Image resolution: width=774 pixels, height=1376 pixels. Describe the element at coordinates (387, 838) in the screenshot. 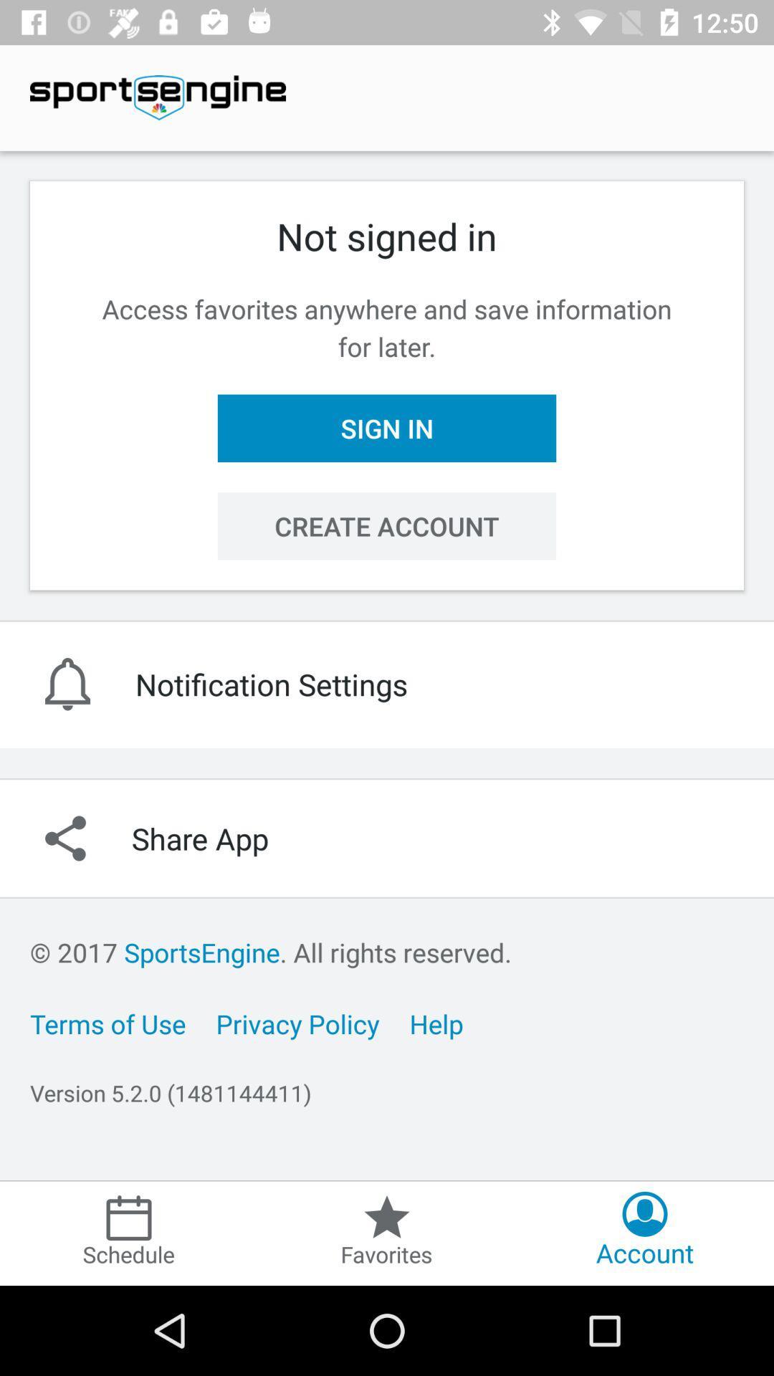

I see `the share app item` at that location.